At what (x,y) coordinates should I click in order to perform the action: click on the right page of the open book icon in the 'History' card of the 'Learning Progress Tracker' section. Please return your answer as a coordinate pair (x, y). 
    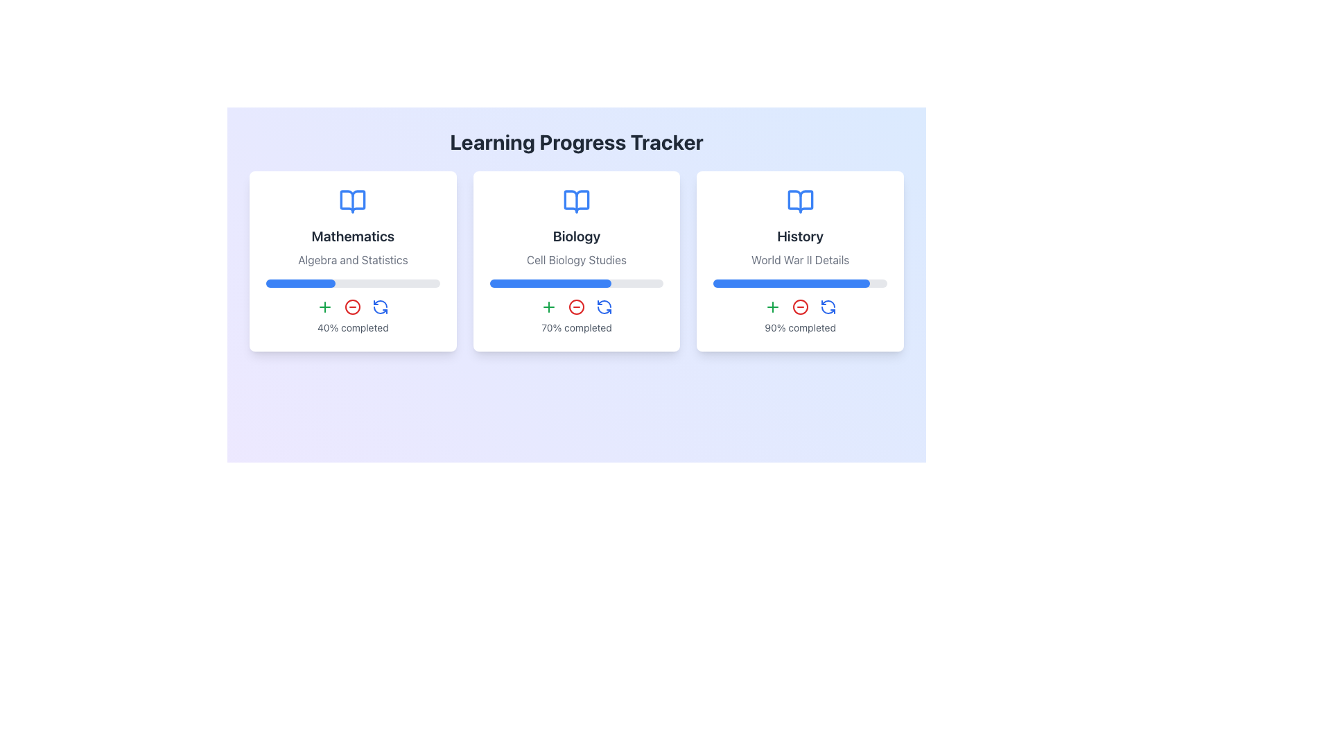
    Looking at the image, I should click on (800, 201).